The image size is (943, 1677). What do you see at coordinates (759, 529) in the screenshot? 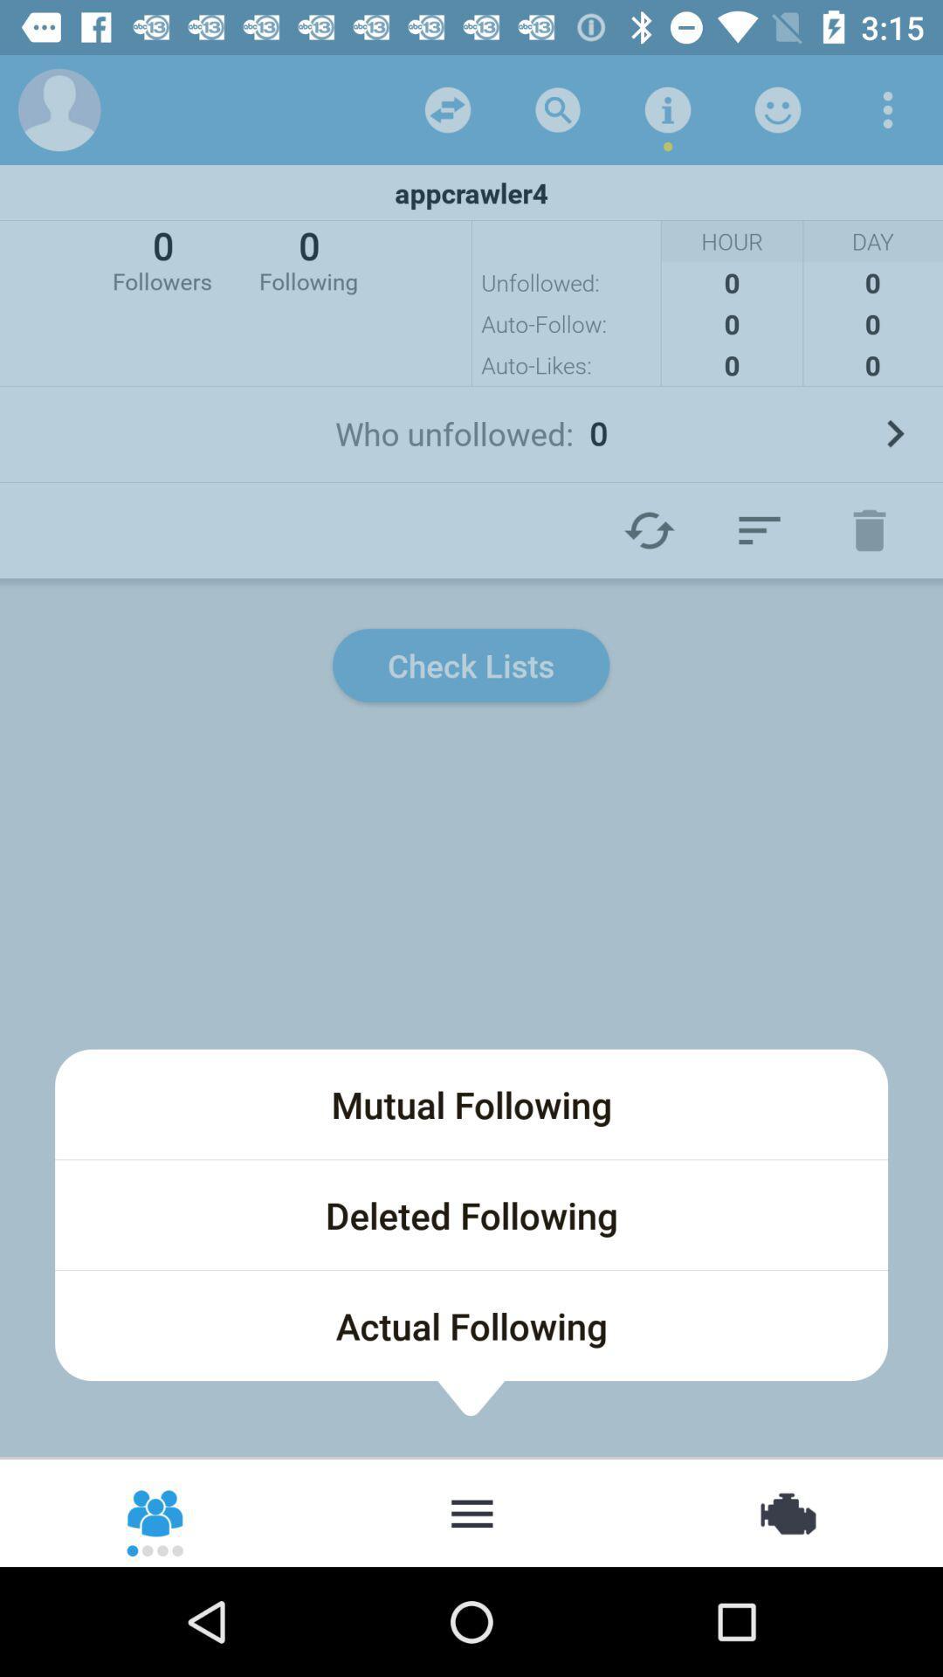
I see `the filter_list icon` at bounding box center [759, 529].